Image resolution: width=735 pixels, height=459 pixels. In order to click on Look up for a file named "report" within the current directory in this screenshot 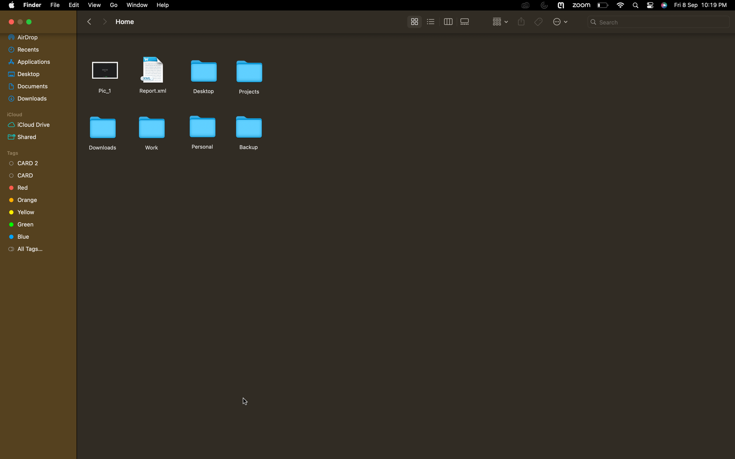, I will do `click(659, 22)`.